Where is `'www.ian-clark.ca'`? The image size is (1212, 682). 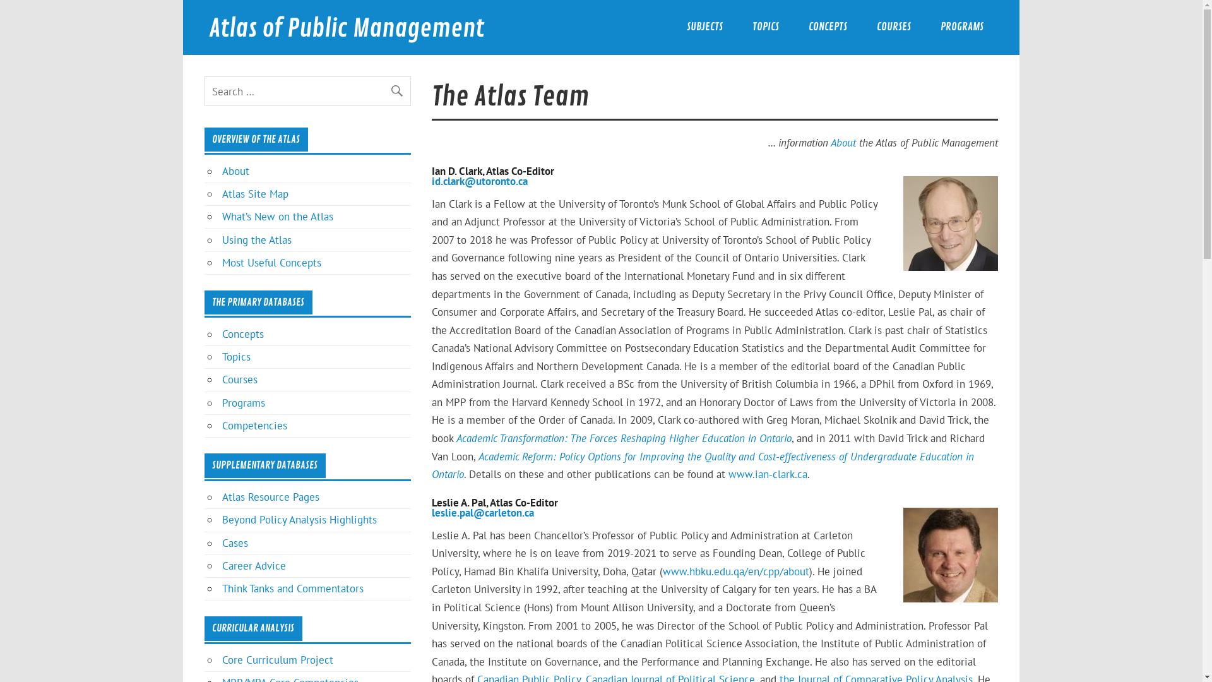 'www.ian-clark.ca' is located at coordinates (767, 474).